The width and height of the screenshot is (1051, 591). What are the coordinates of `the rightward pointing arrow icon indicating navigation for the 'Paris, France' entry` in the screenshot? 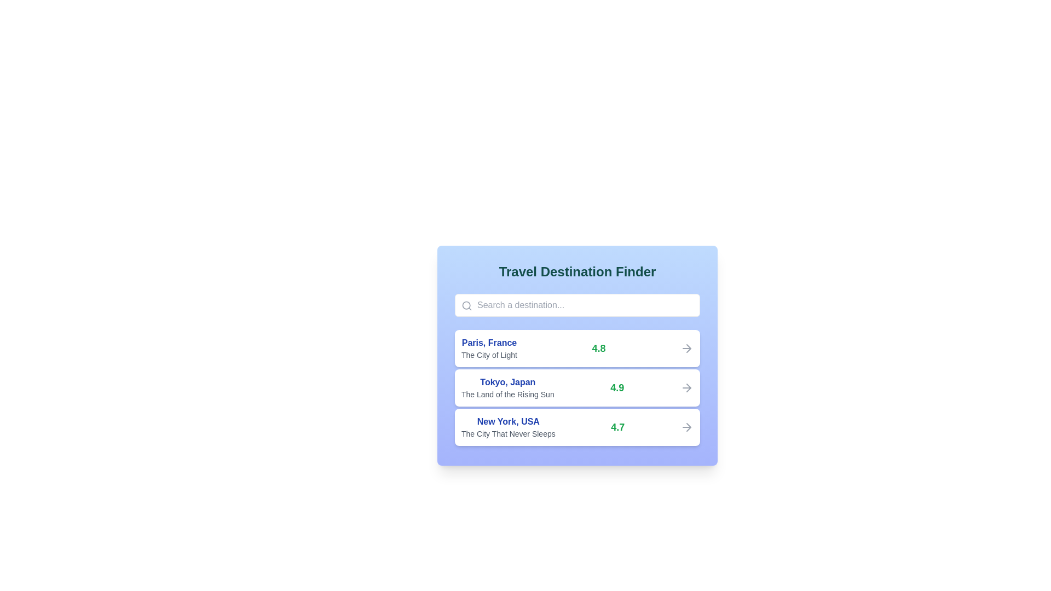 It's located at (686, 348).